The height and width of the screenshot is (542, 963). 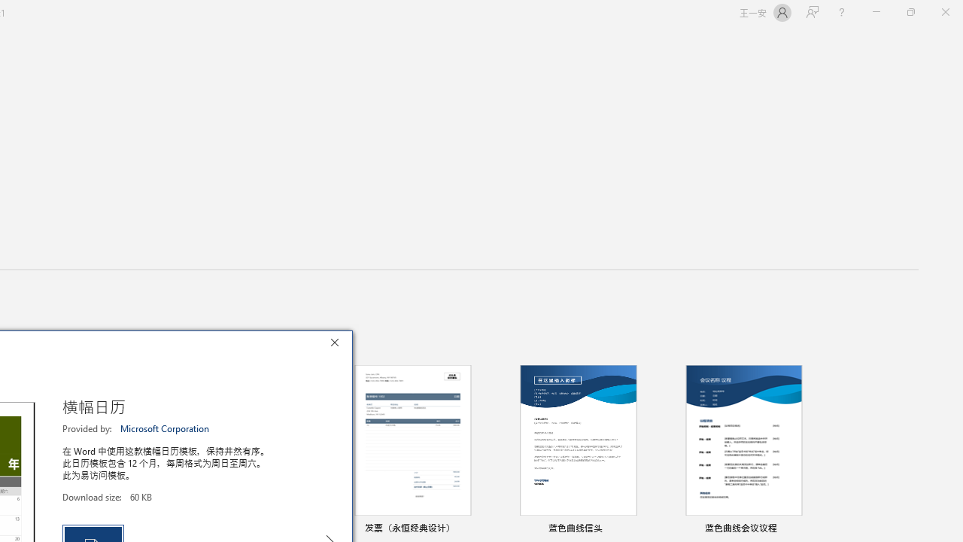 What do you see at coordinates (166, 428) in the screenshot?
I see `'Microsoft Corporation'` at bounding box center [166, 428].